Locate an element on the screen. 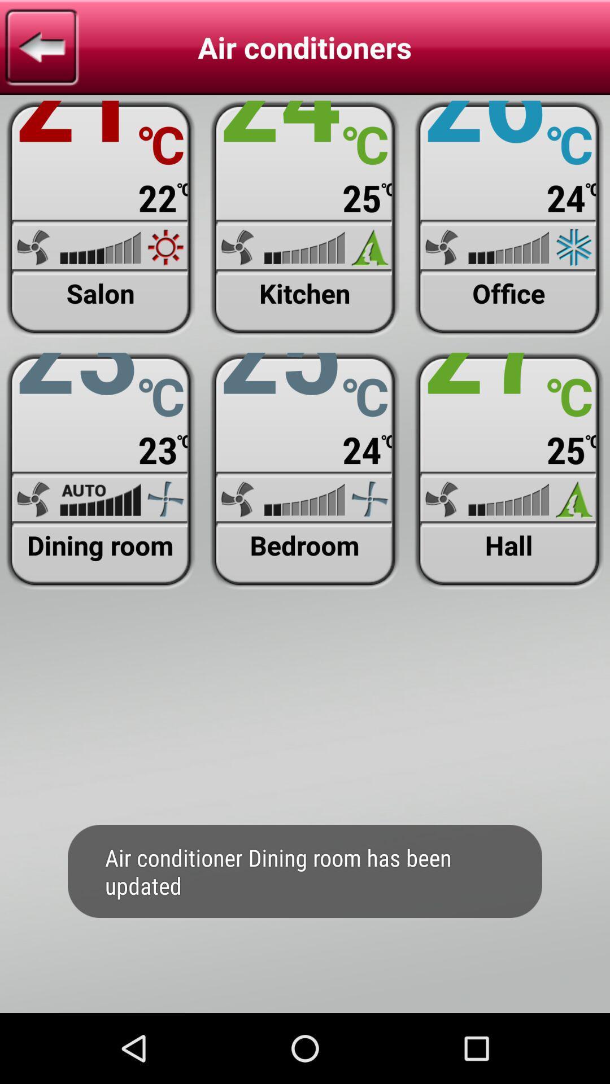 The image size is (610, 1084). area is located at coordinates (304, 219).